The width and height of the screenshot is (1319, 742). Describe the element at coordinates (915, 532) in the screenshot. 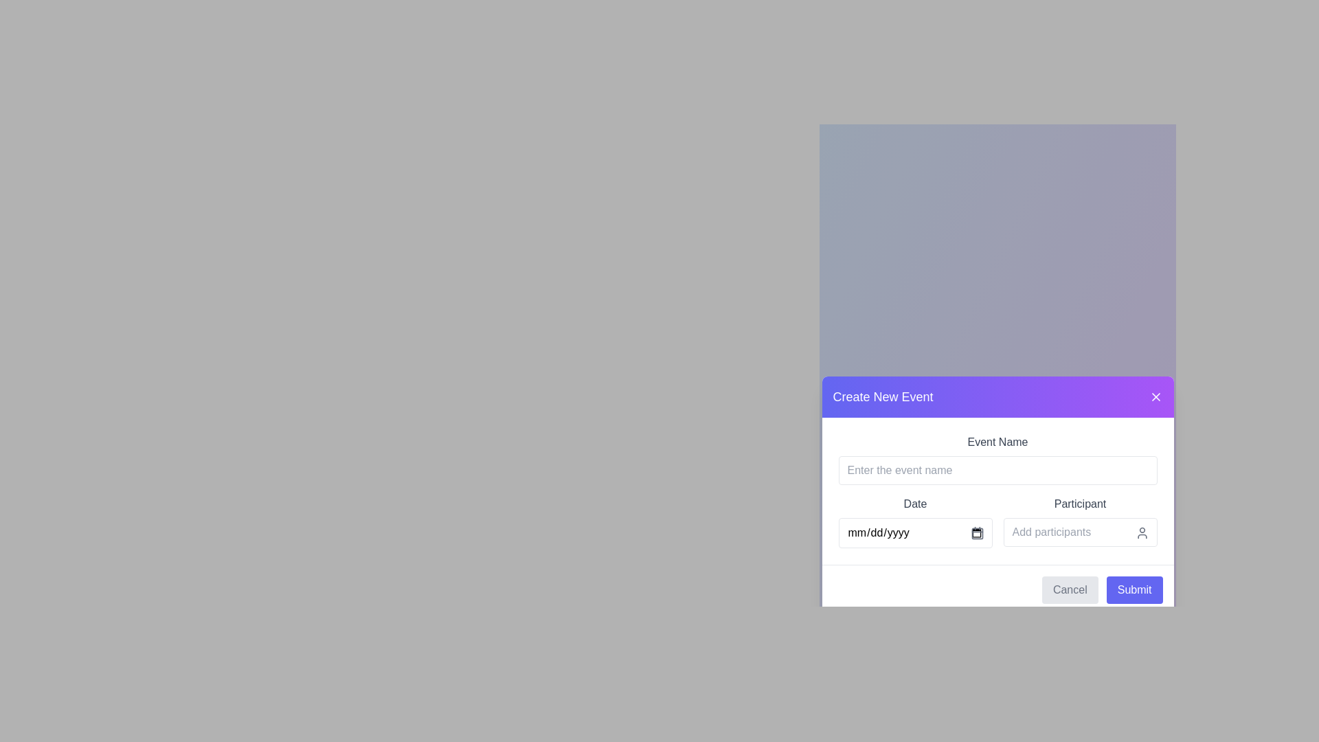

I see `the Date input field within the 'Create New Event' dialog` at that location.